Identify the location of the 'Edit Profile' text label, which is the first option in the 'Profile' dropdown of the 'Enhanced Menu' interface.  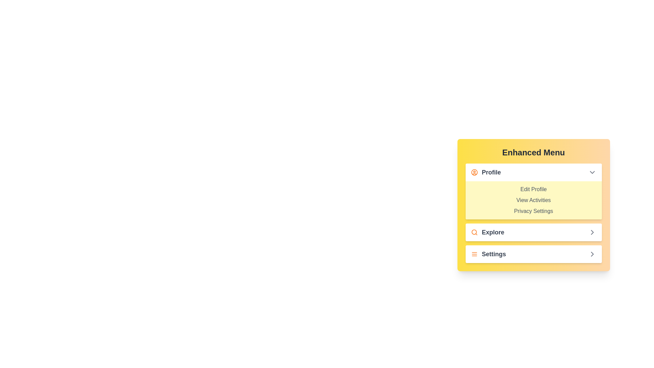
(533, 189).